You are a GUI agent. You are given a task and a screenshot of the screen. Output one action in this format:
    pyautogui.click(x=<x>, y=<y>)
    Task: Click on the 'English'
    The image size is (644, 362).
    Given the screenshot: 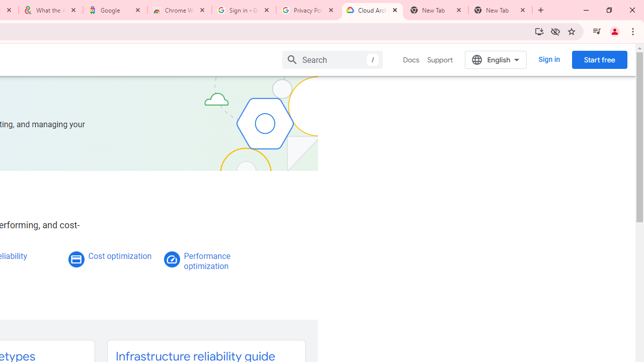 What is the action you would take?
    pyautogui.click(x=496, y=59)
    